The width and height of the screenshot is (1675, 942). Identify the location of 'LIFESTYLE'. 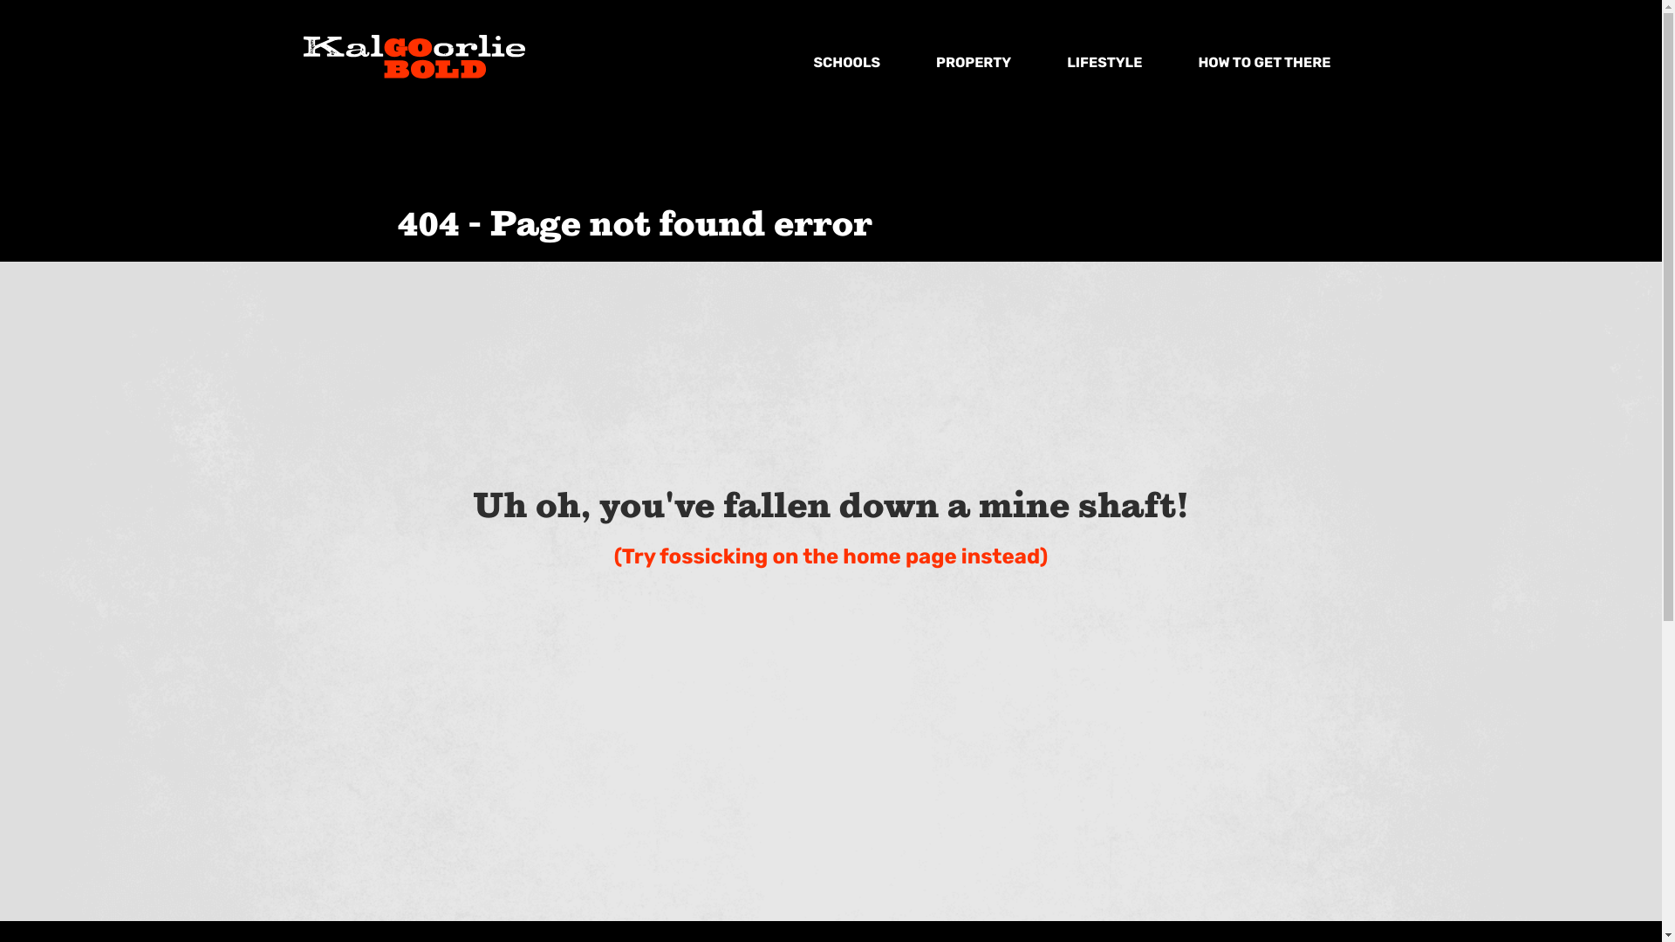
(1104, 63).